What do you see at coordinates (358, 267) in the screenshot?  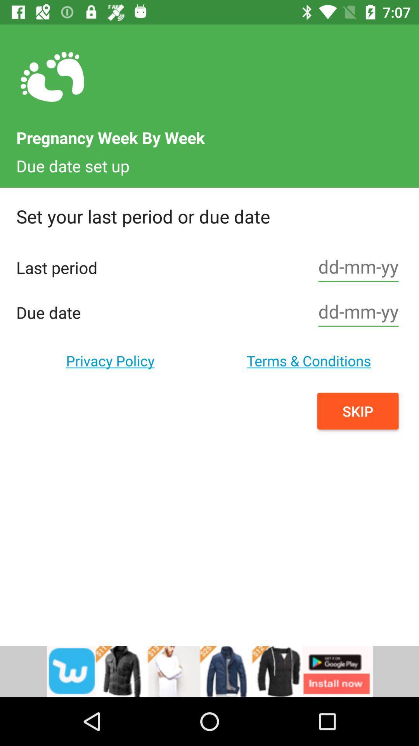 I see `date field` at bounding box center [358, 267].